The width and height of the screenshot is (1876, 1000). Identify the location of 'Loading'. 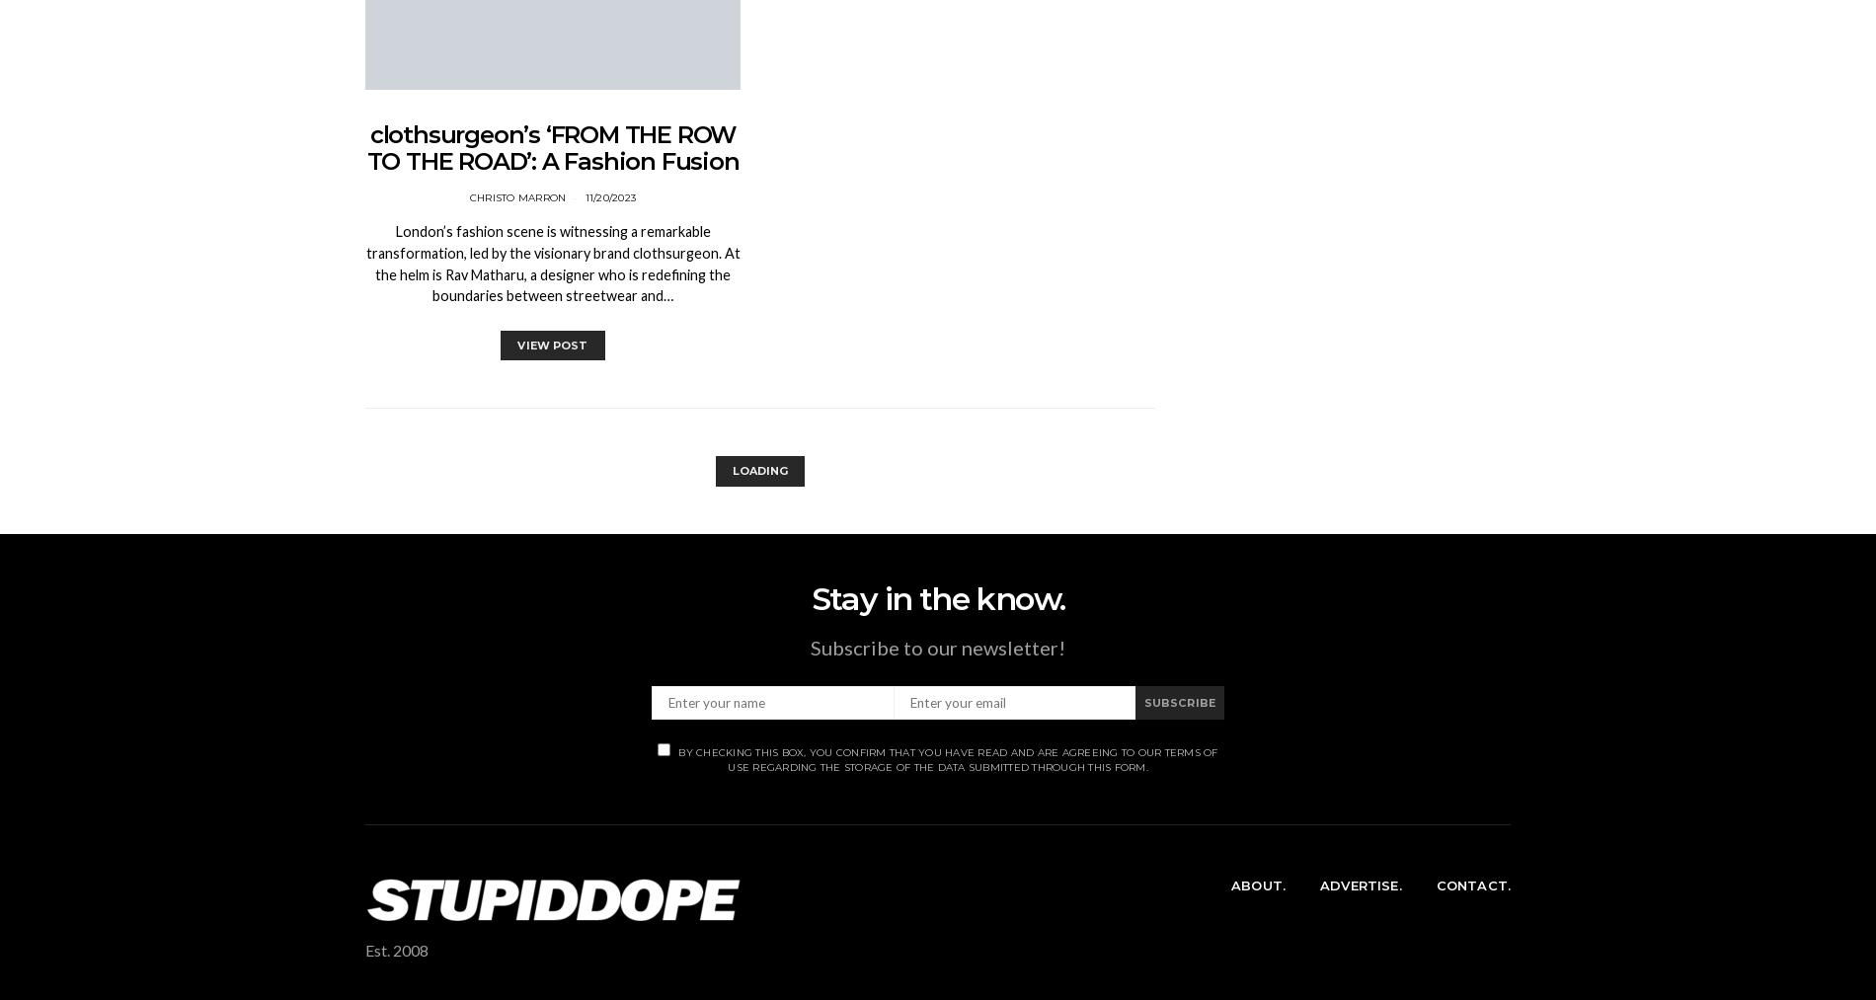
(731, 470).